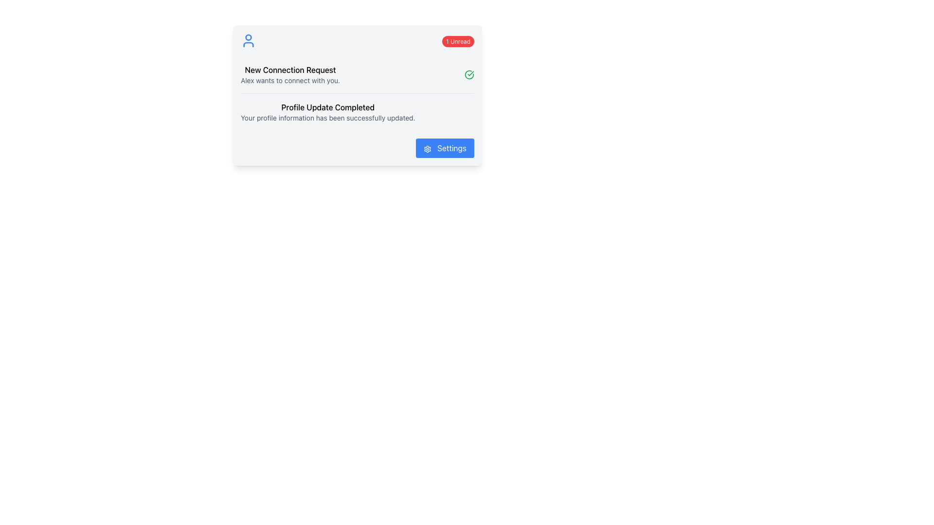 The image size is (934, 525). I want to click on the notification title indicating successful profile update, positioned below 'New Connection Request' and above 'Your profile information has been successfully updated.', so click(328, 107).